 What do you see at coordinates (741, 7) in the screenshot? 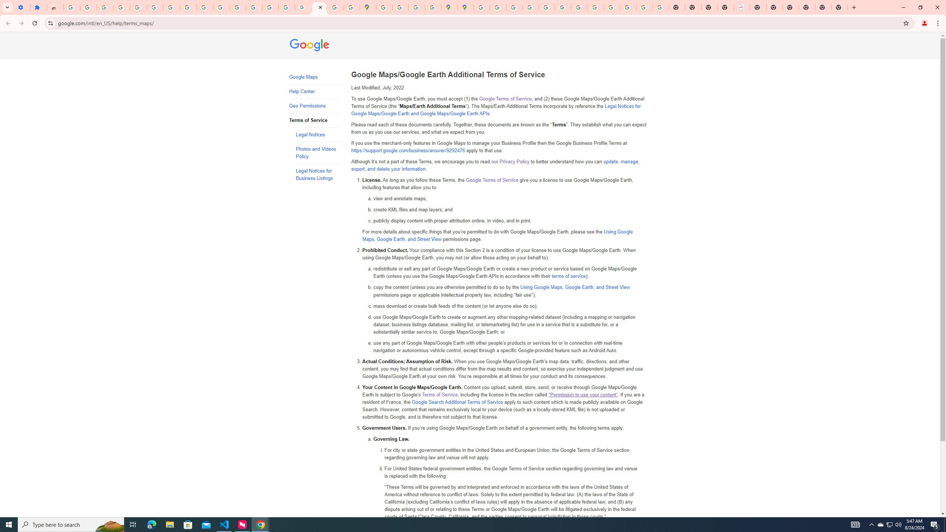
I see `'LAAD Defence & Security 2025 | BAE Systems'` at bounding box center [741, 7].